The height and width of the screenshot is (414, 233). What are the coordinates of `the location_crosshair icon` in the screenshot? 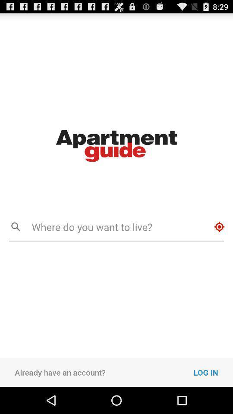 It's located at (219, 243).